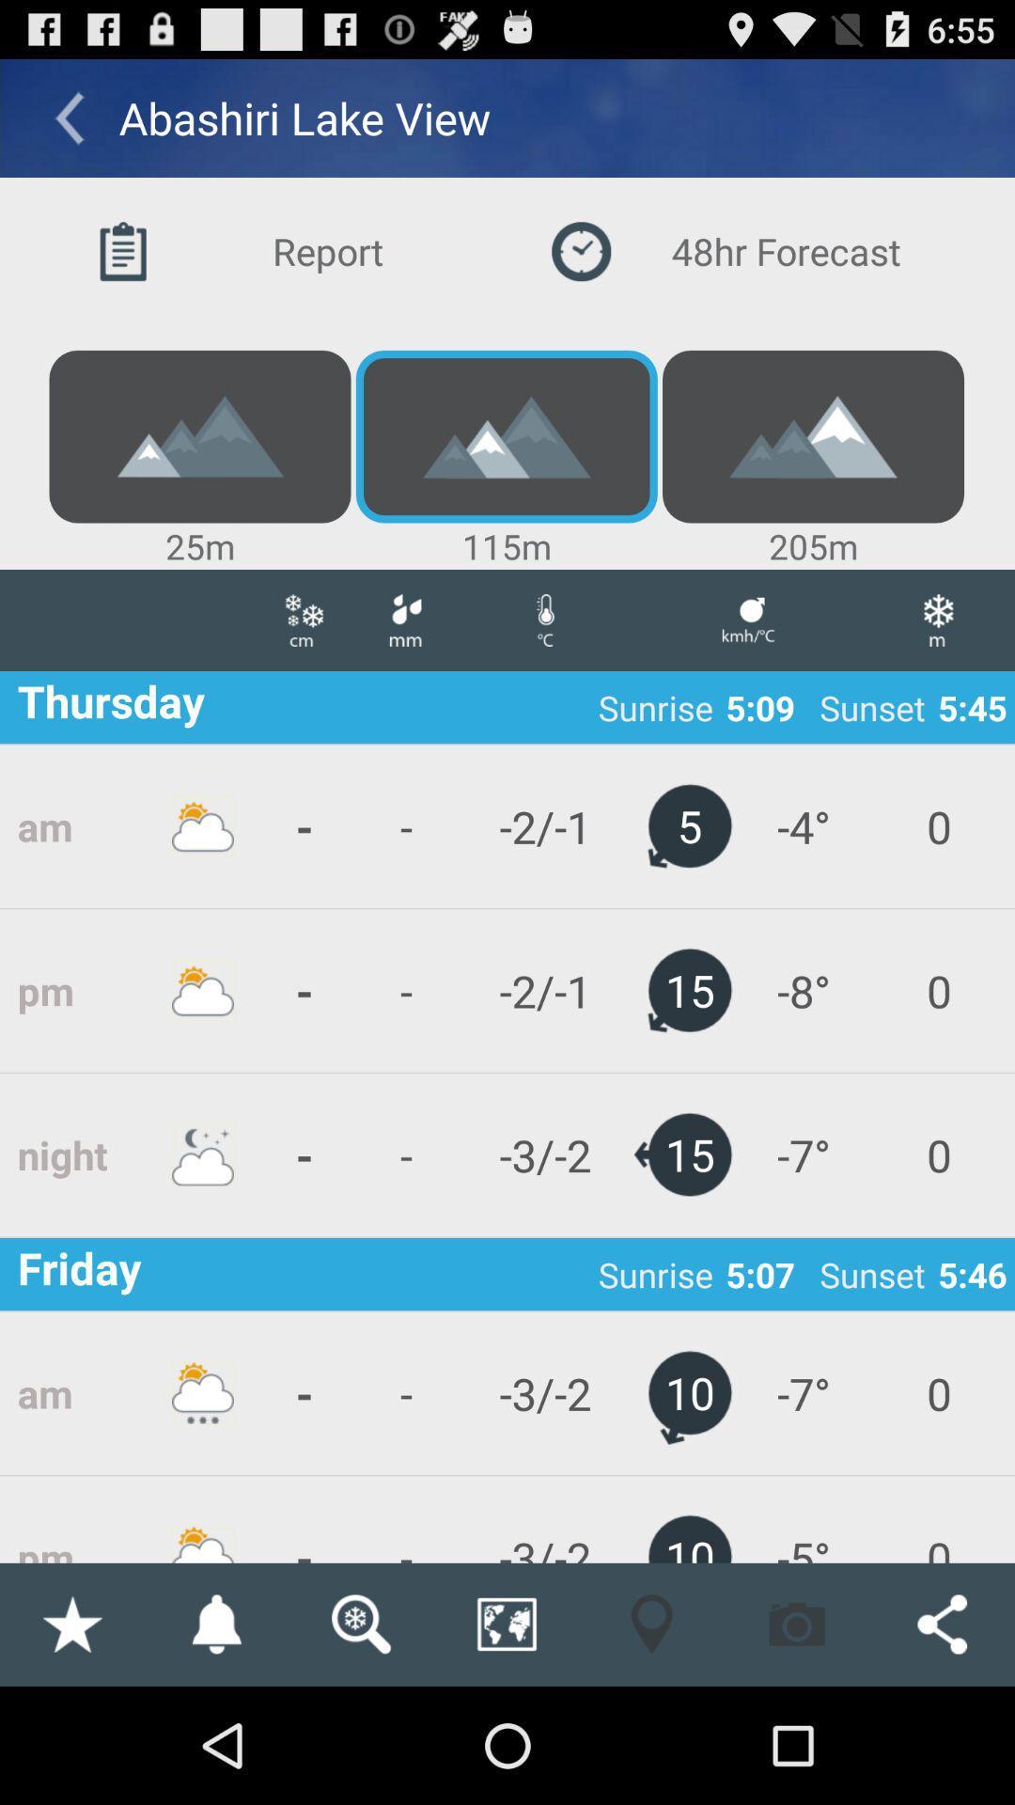 This screenshot has height=1805, width=1015. I want to click on the notifications icon, so click(215, 1737).